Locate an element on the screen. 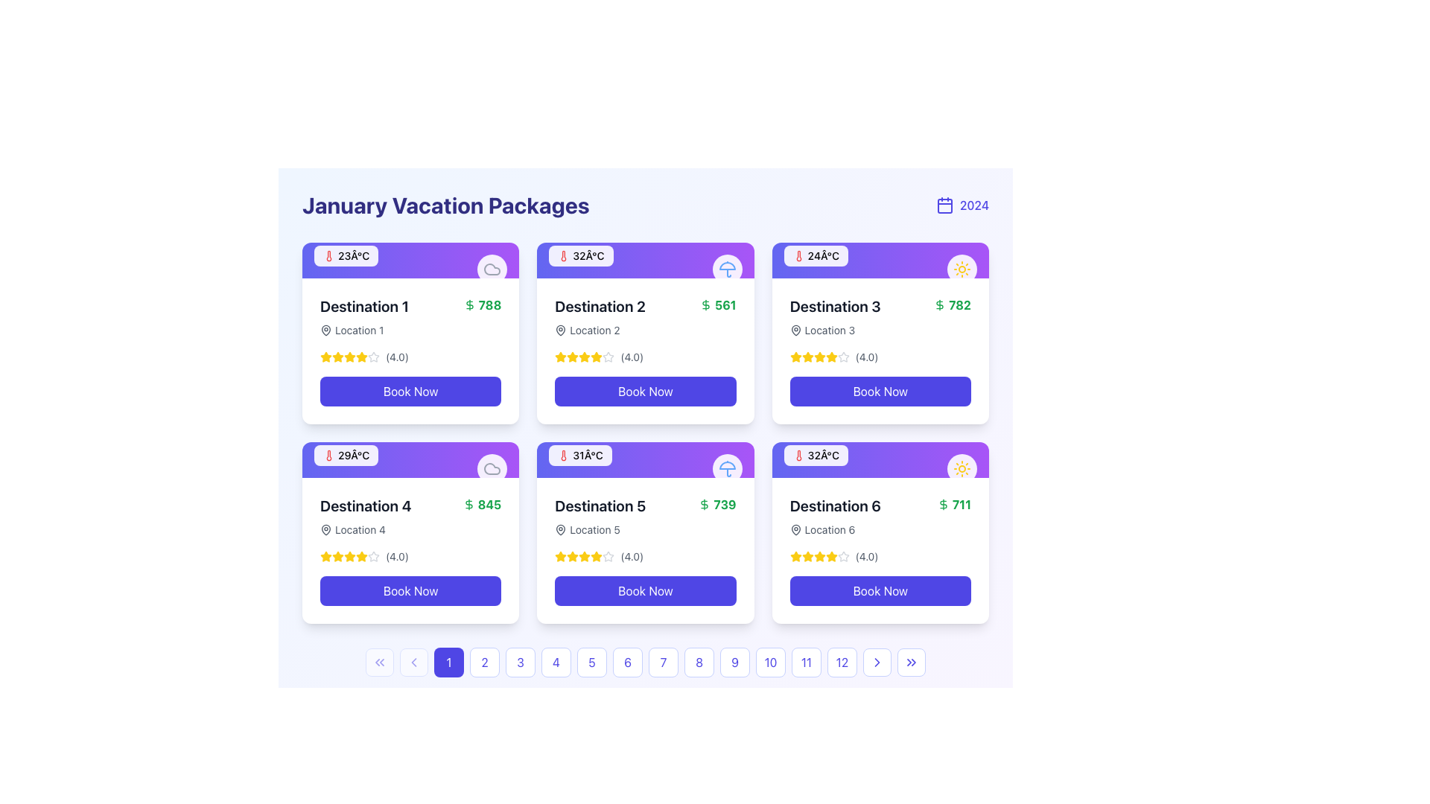 This screenshot has height=804, width=1430. the blue button with rounded corners displaying the number '1' is located at coordinates (448, 662).